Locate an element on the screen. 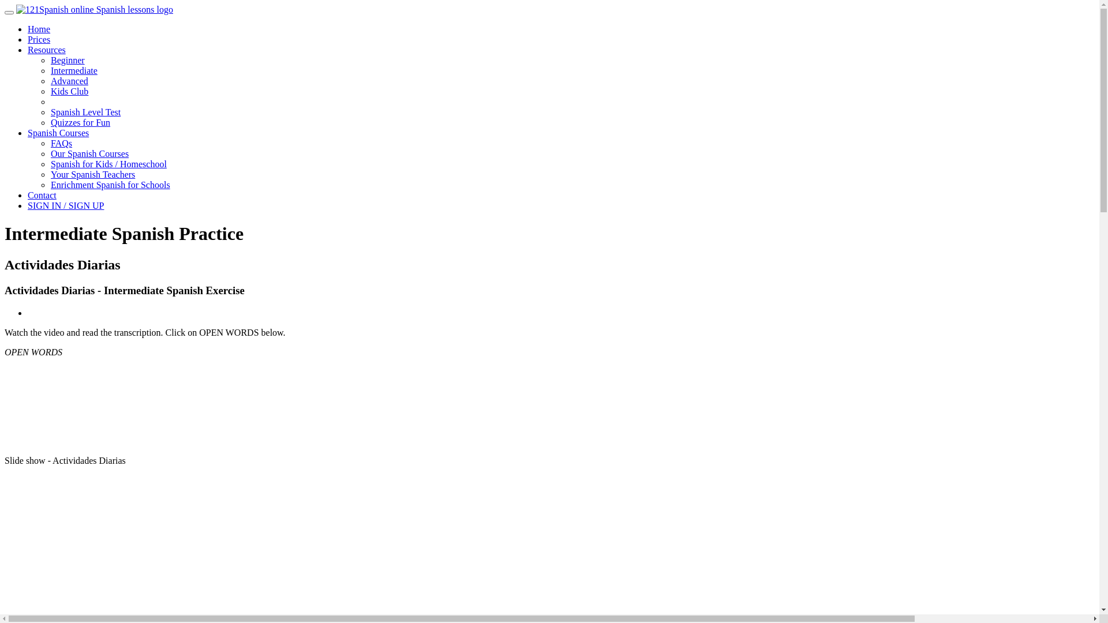 The width and height of the screenshot is (1108, 623). 'Enrichment Spanish for Schools' is located at coordinates (110, 184).